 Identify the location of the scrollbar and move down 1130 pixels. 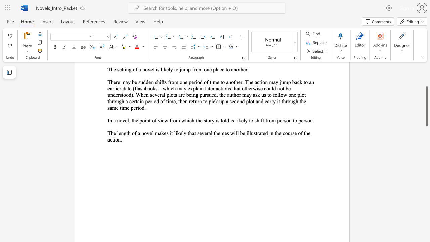
(426, 106).